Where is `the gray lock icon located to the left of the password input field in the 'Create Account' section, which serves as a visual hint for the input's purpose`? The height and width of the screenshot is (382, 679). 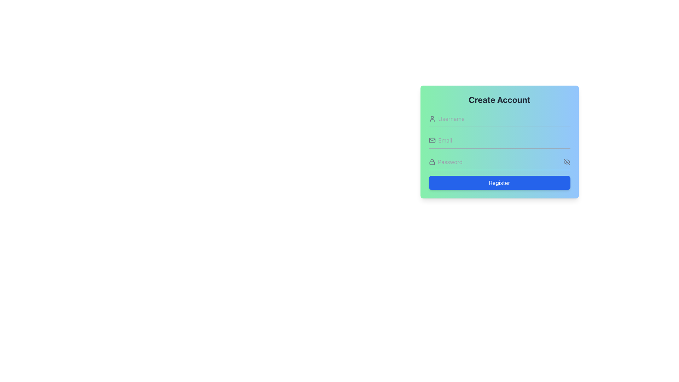
the gray lock icon located to the left of the password input field in the 'Create Account' section, which serves as a visual hint for the input's purpose is located at coordinates (431, 162).